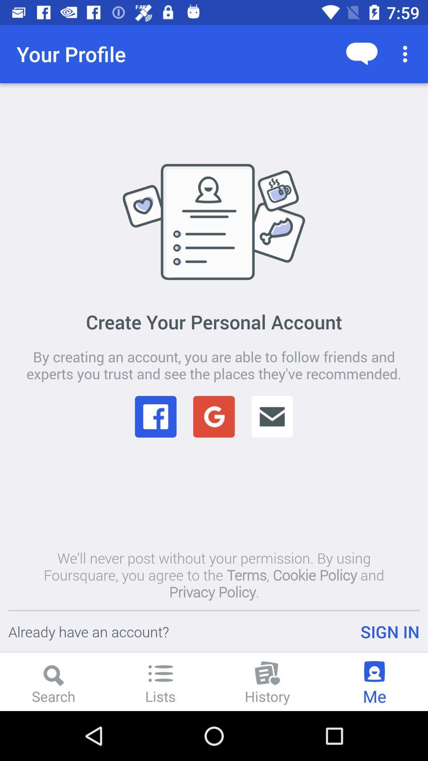 This screenshot has height=761, width=428. I want to click on the image which is above the text create your personal account, so click(214, 221).